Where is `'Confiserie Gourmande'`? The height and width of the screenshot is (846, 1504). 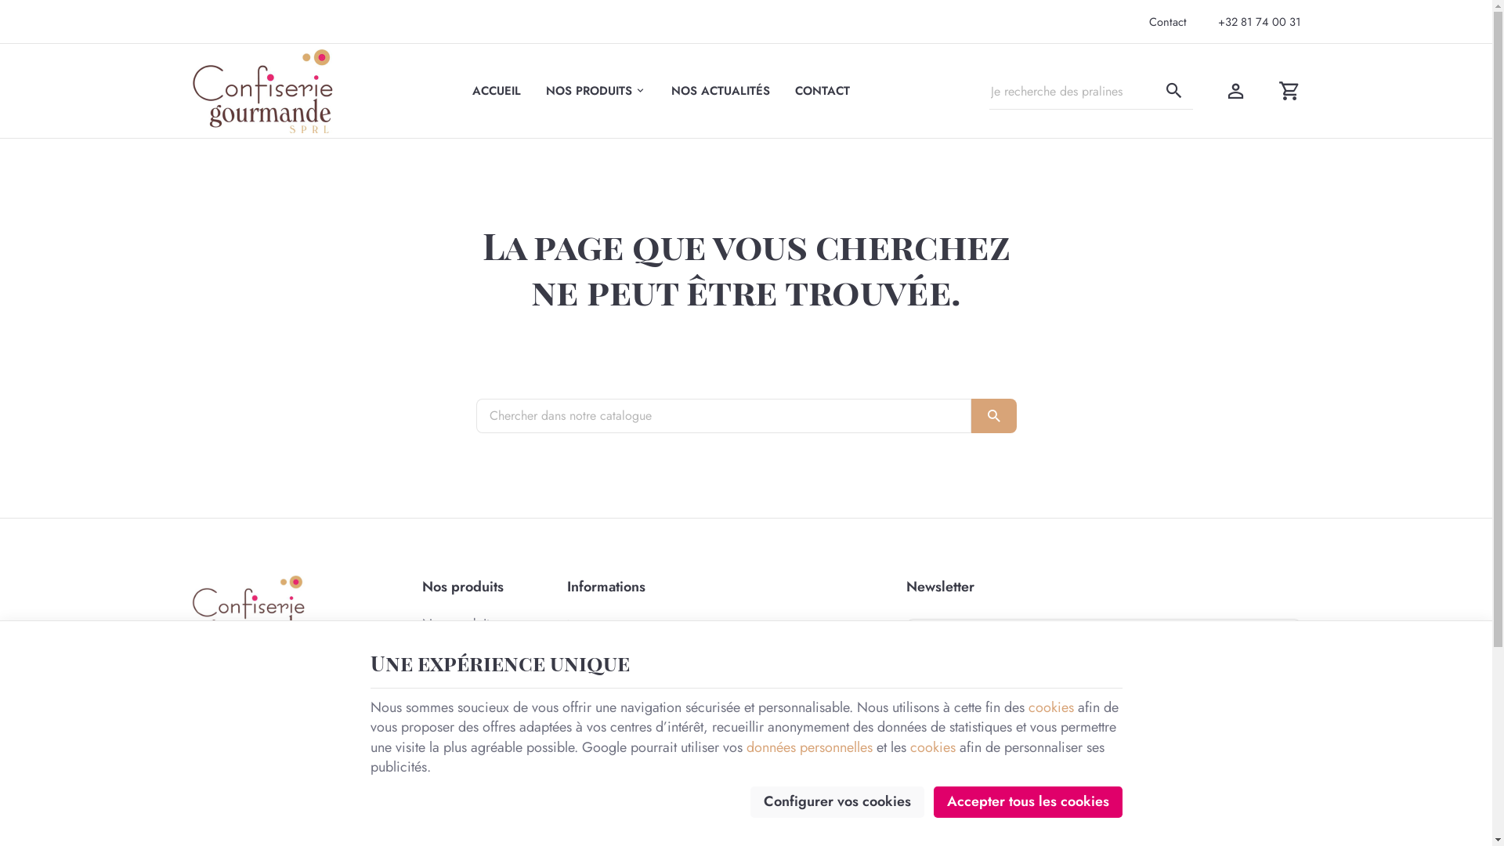
'Confiserie Gourmande' is located at coordinates (247, 607).